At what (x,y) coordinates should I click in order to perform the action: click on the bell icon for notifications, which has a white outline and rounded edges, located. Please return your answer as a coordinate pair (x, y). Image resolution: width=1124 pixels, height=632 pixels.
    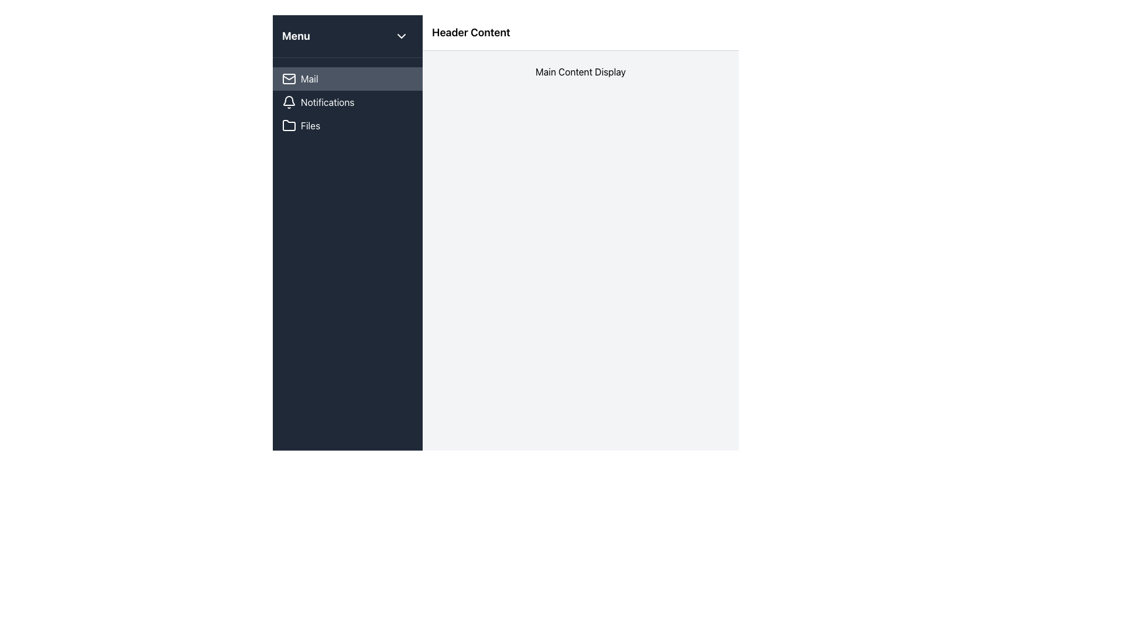
    Looking at the image, I should click on (289, 101).